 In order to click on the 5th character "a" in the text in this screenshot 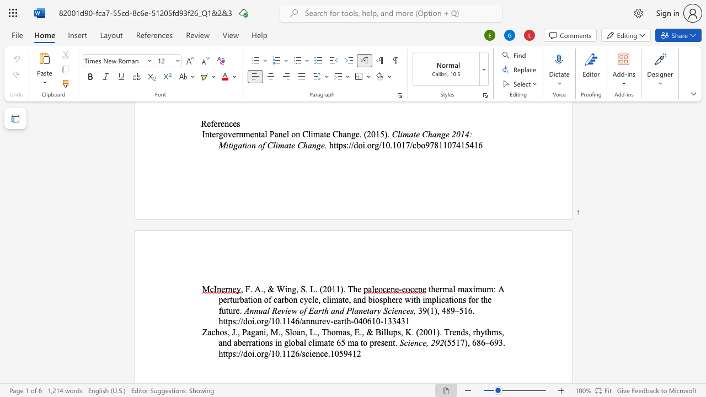, I will do `click(344, 331)`.